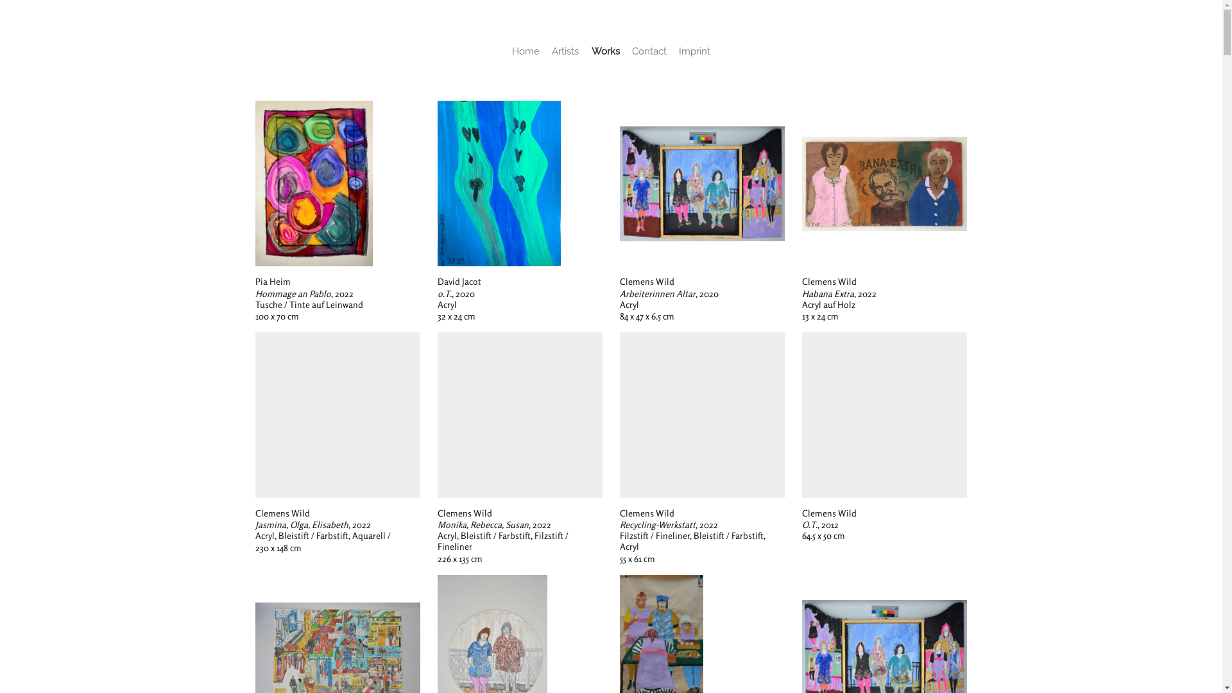  Describe the element at coordinates (694, 51) in the screenshot. I see `'Imprint'` at that location.